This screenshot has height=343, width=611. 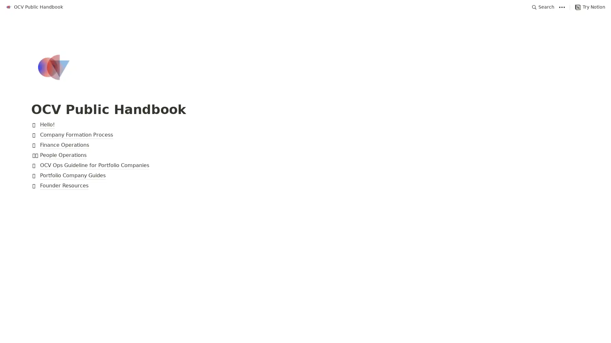 I want to click on OCV Ops Guideline for Portfolio Companies, so click(x=305, y=165).